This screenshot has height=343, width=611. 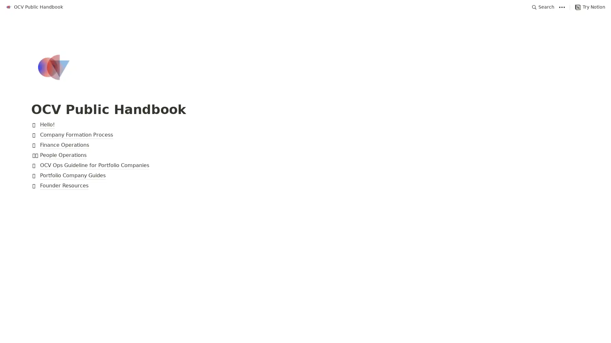 I want to click on OCV Ops Guideline for Portfolio Companies, so click(x=305, y=165).